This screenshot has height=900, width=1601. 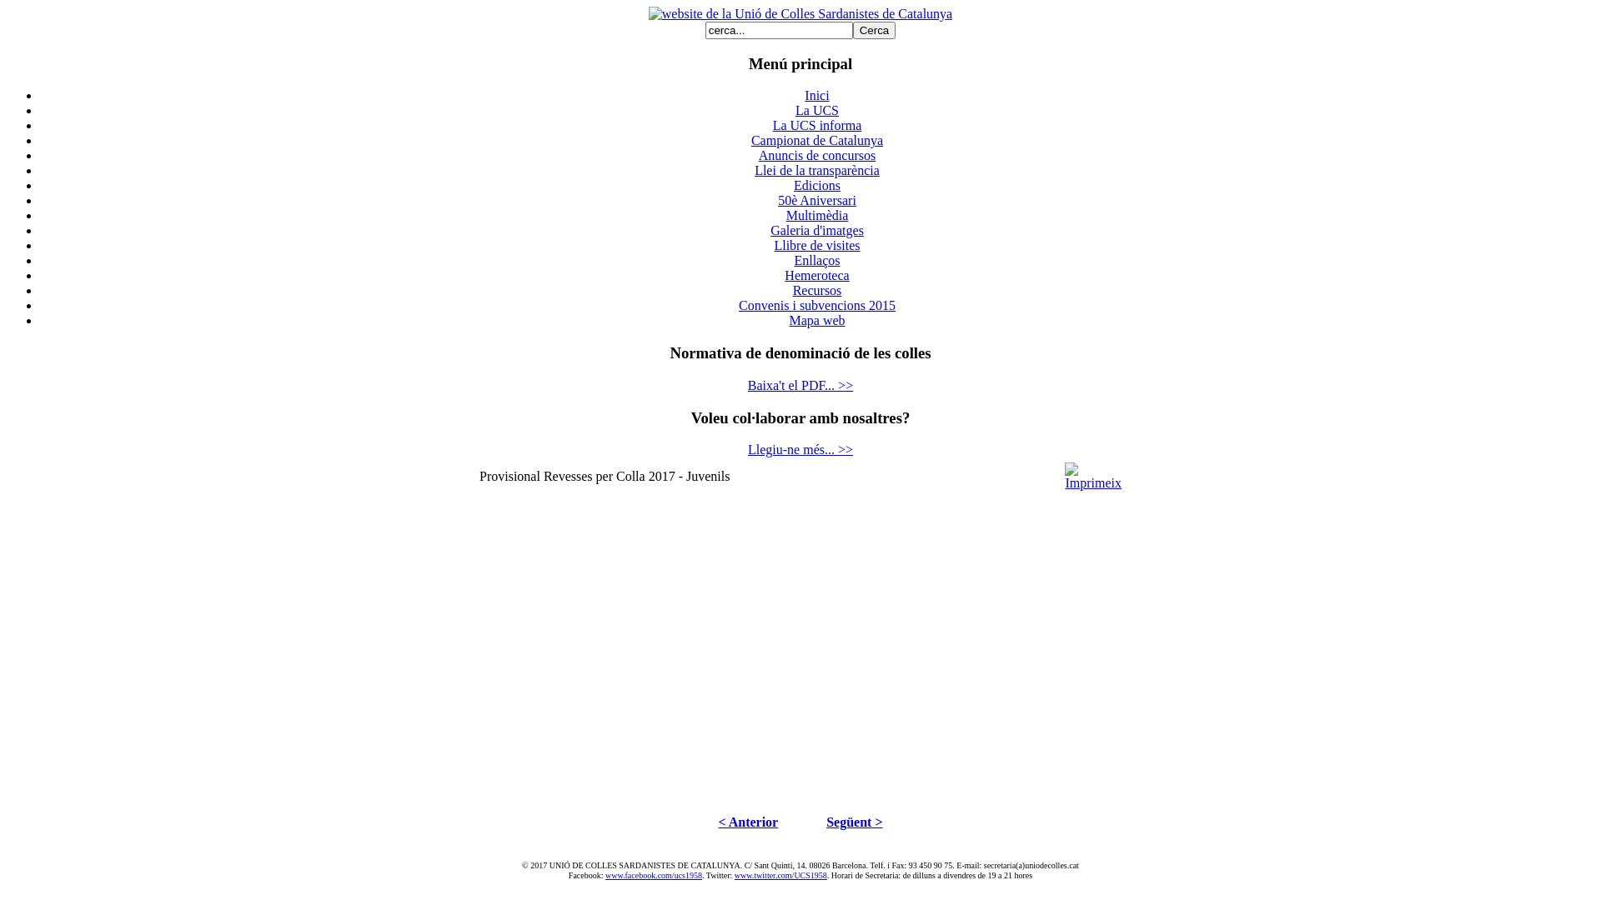 I want to click on 'La UCS informa', so click(x=817, y=124).